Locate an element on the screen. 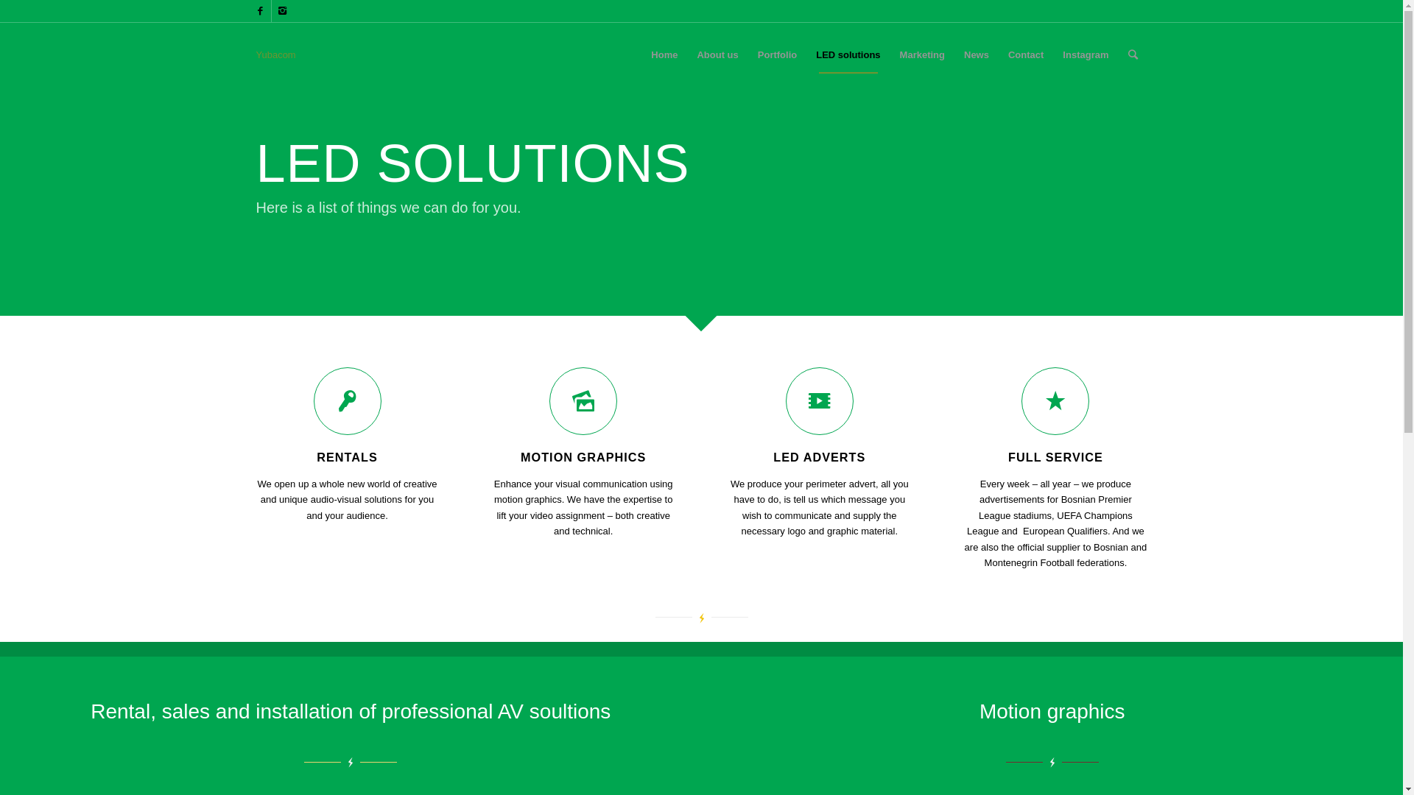 The height and width of the screenshot is (795, 1414). 'Instagram' is located at coordinates (1085, 54).